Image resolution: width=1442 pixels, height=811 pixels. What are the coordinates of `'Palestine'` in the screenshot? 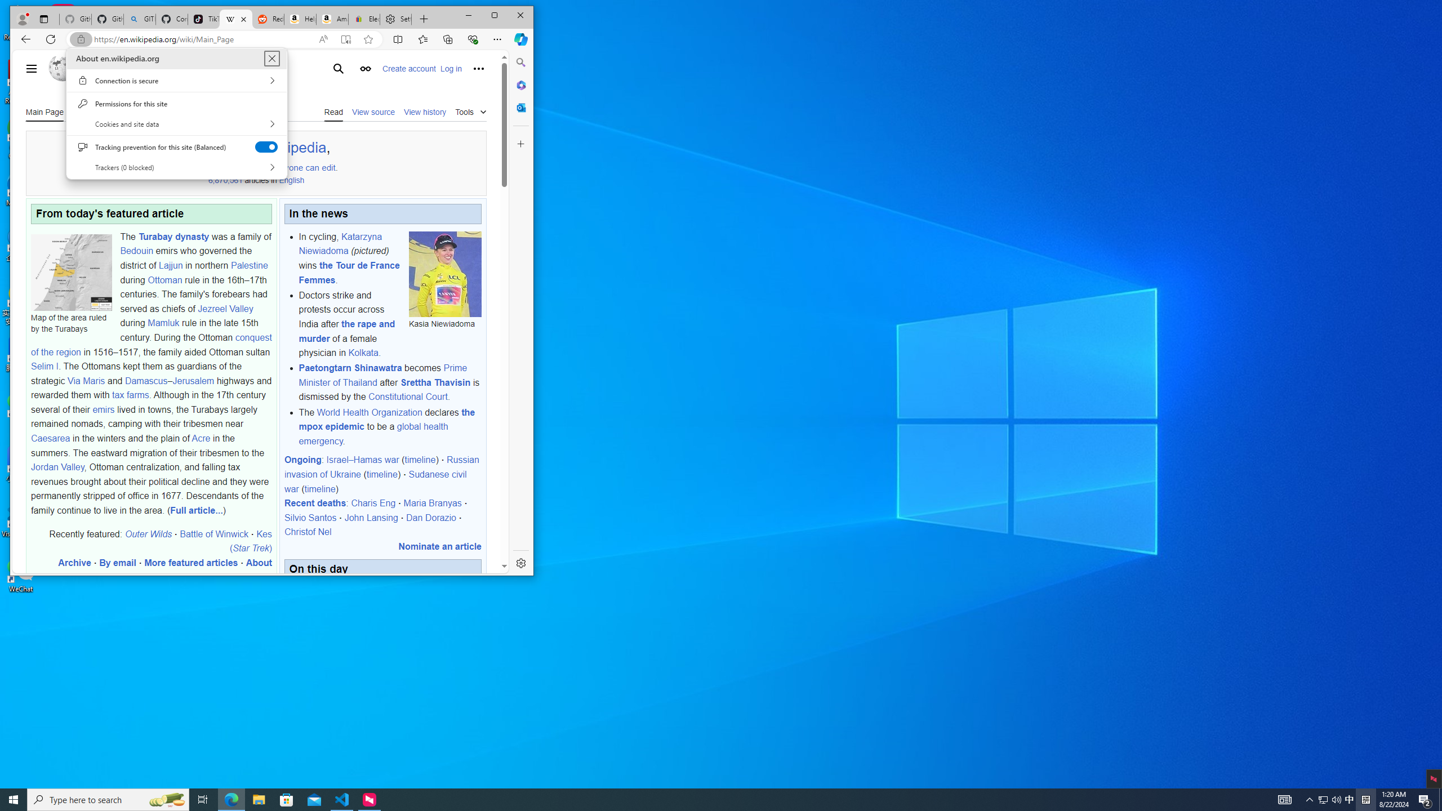 It's located at (248, 265).